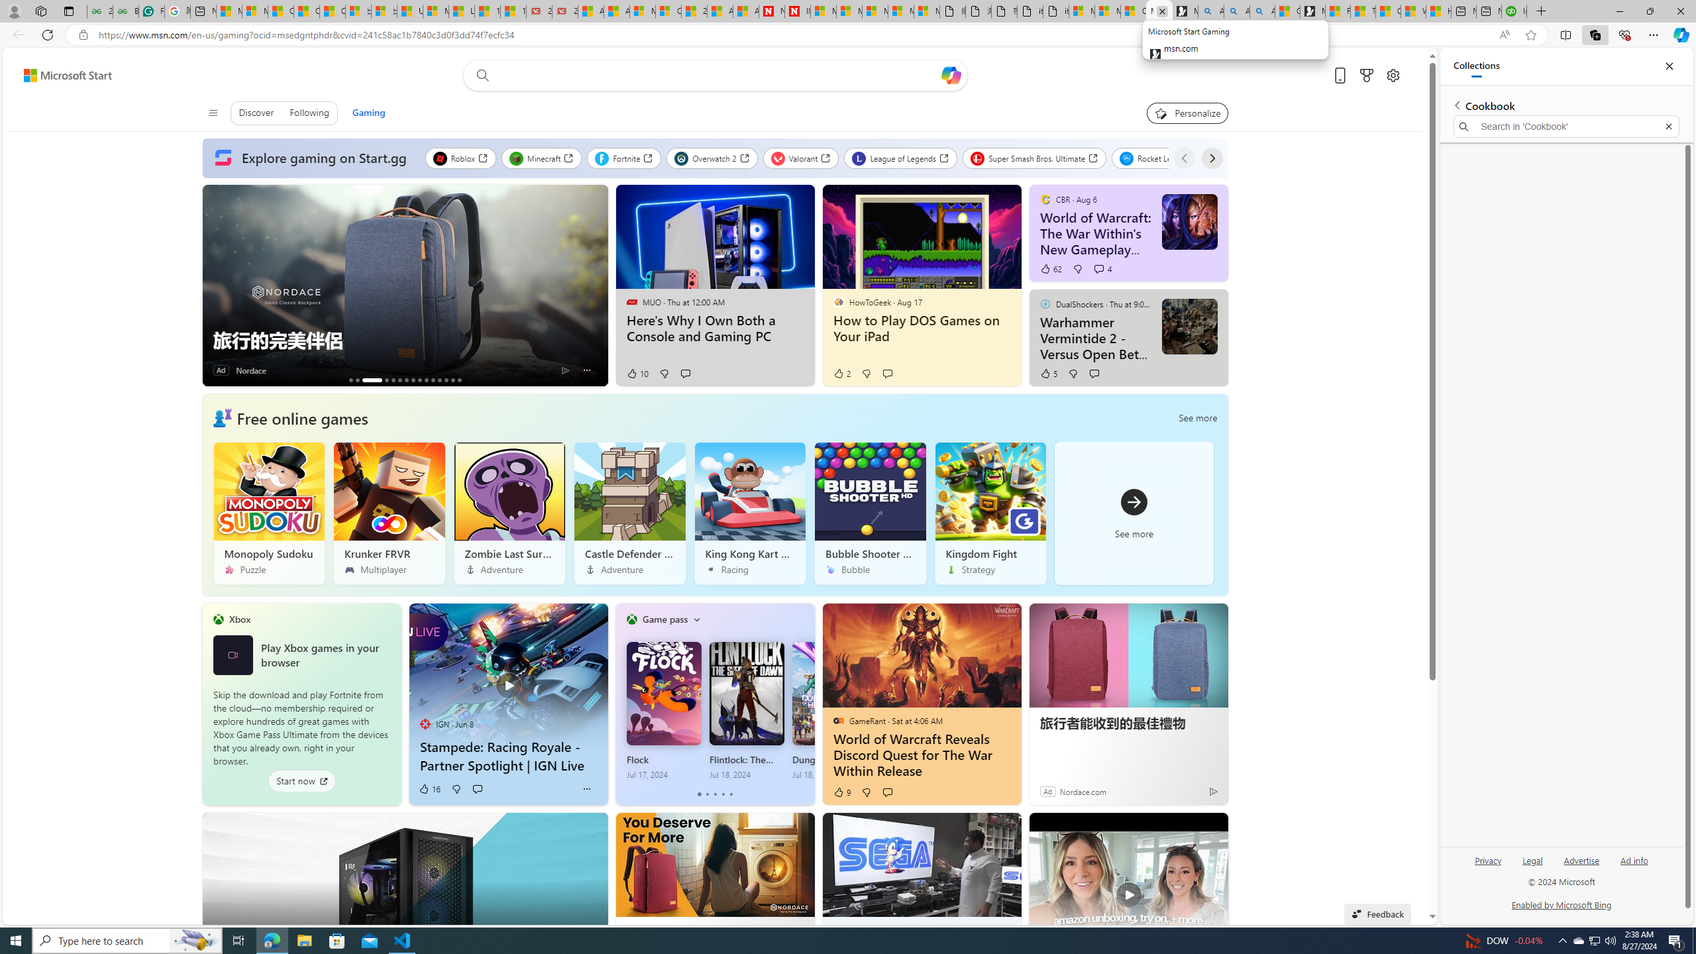  What do you see at coordinates (460, 158) in the screenshot?
I see `'Roblox'` at bounding box center [460, 158].